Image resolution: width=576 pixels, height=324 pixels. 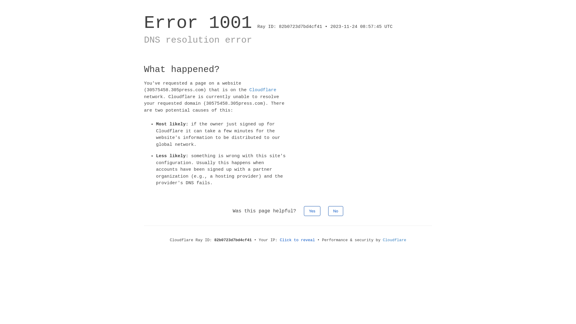 What do you see at coordinates (297, 239) in the screenshot?
I see `'Click to reveal'` at bounding box center [297, 239].